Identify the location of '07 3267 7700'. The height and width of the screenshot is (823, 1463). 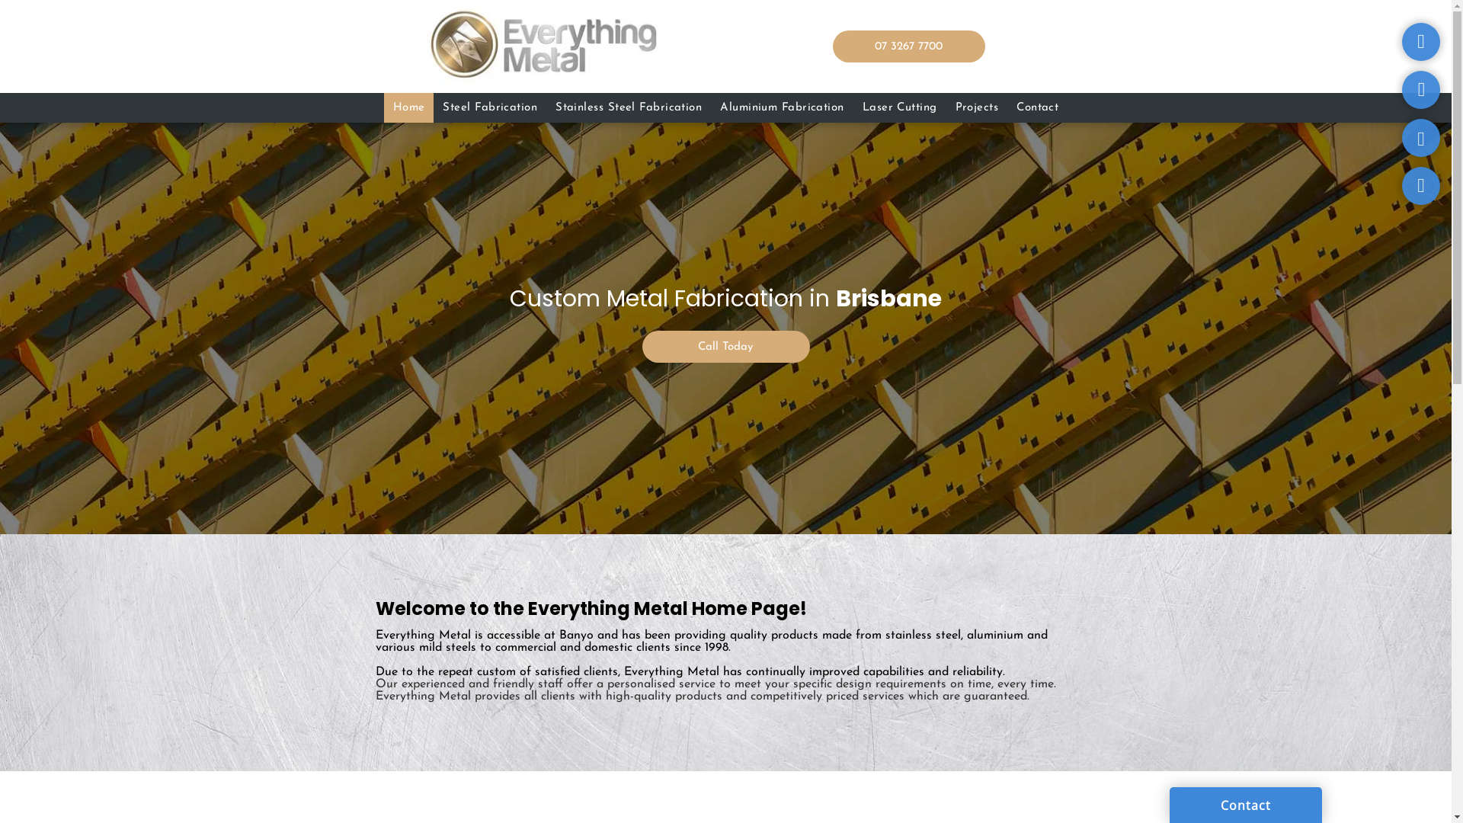
(908, 46).